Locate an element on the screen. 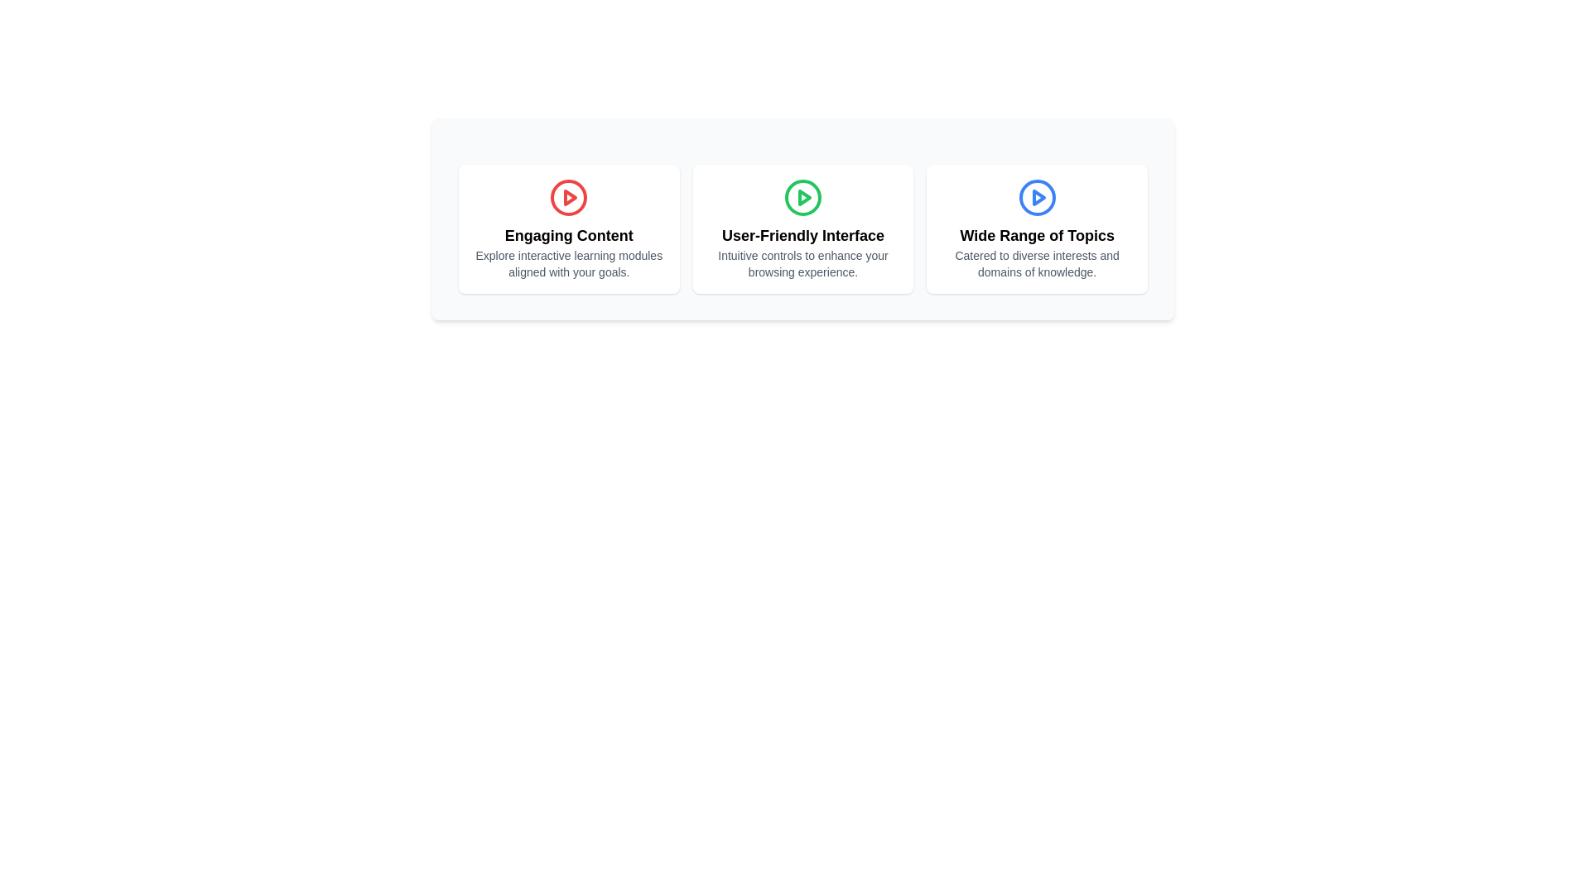 The image size is (1590, 894). the bold title text displaying 'Engaging Content' located in the center of the leftmost card, which is part of a horizontal row of three cards is located at coordinates (569, 236).